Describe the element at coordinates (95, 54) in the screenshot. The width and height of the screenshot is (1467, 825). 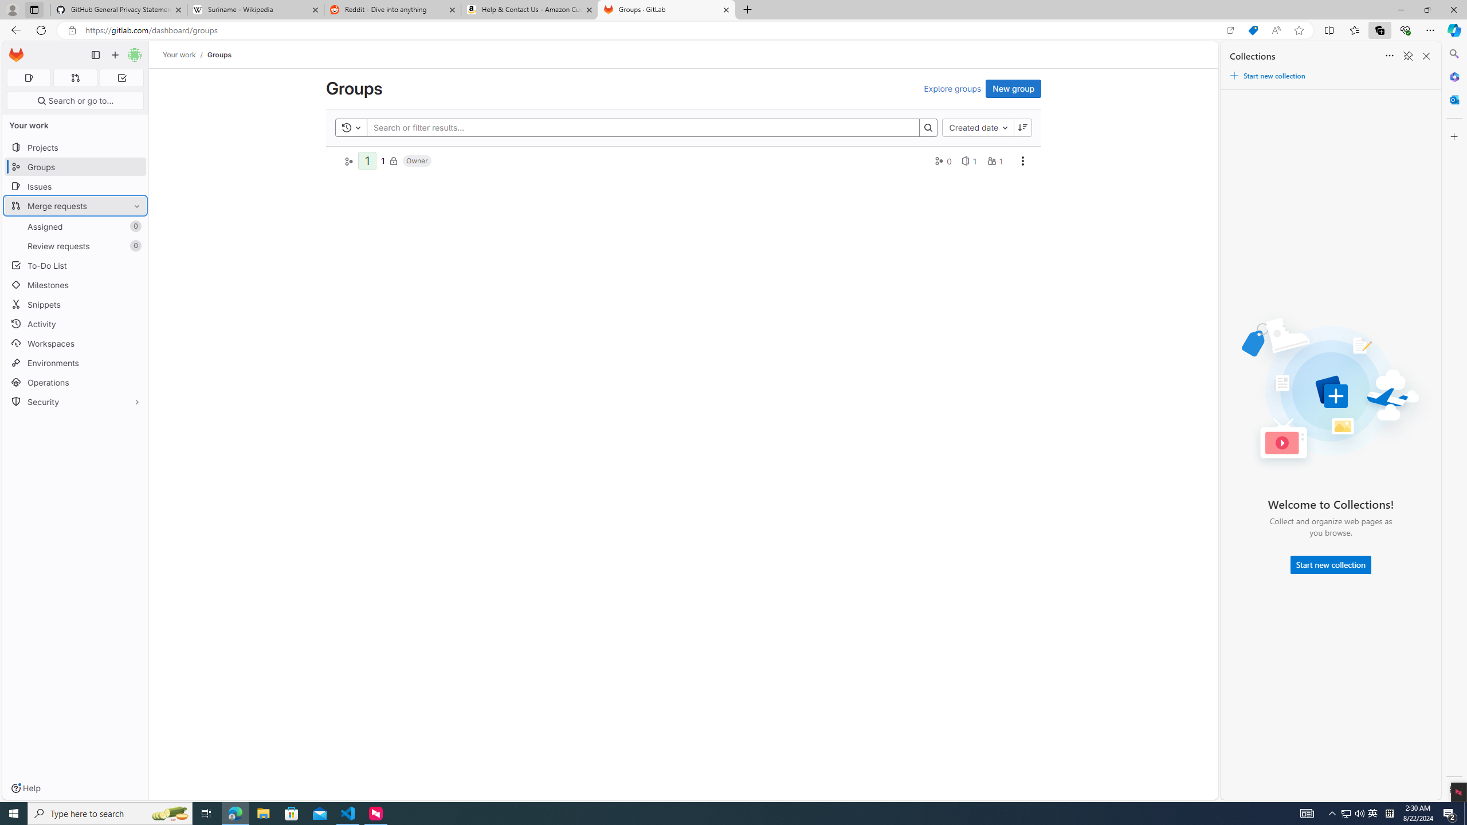
I see `'Primary navigation sidebar'` at that location.